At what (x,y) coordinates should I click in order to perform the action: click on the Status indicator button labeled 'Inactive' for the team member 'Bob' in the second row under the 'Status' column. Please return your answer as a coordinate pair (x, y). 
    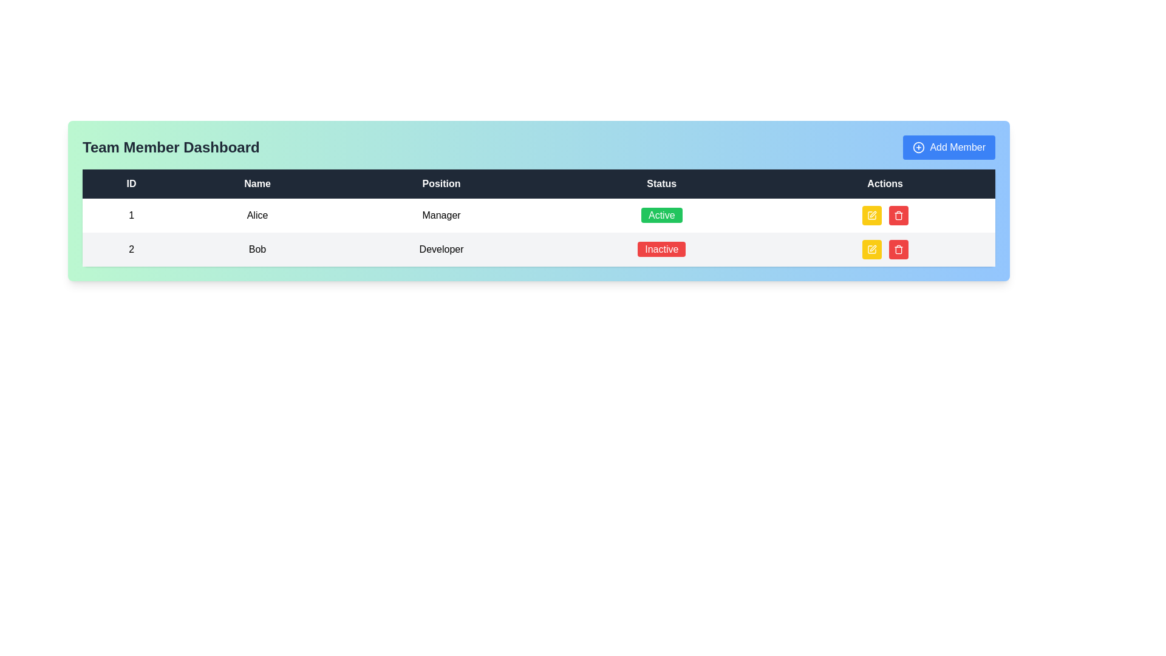
    Looking at the image, I should click on (661, 248).